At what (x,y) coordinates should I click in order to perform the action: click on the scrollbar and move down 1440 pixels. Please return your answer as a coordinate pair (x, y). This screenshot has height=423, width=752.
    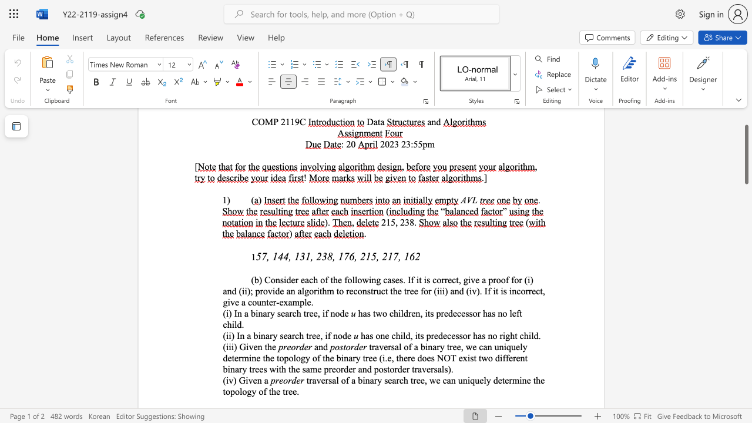
    Looking at the image, I should click on (746, 154).